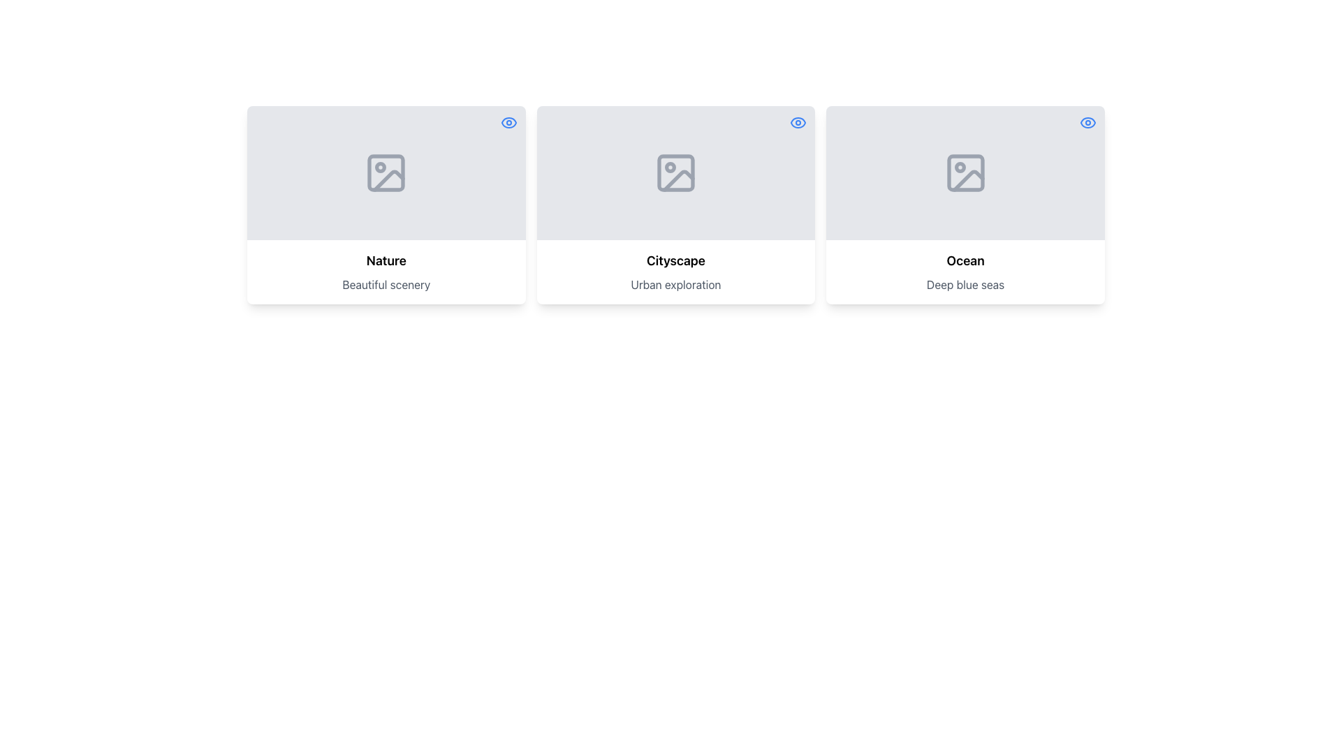 Image resolution: width=1341 pixels, height=754 pixels. What do you see at coordinates (965, 284) in the screenshot?
I see `the Text Label that provides a descriptive subtitle related to the card's main topic 'Ocean', located underneath its title in the third card from the left` at bounding box center [965, 284].